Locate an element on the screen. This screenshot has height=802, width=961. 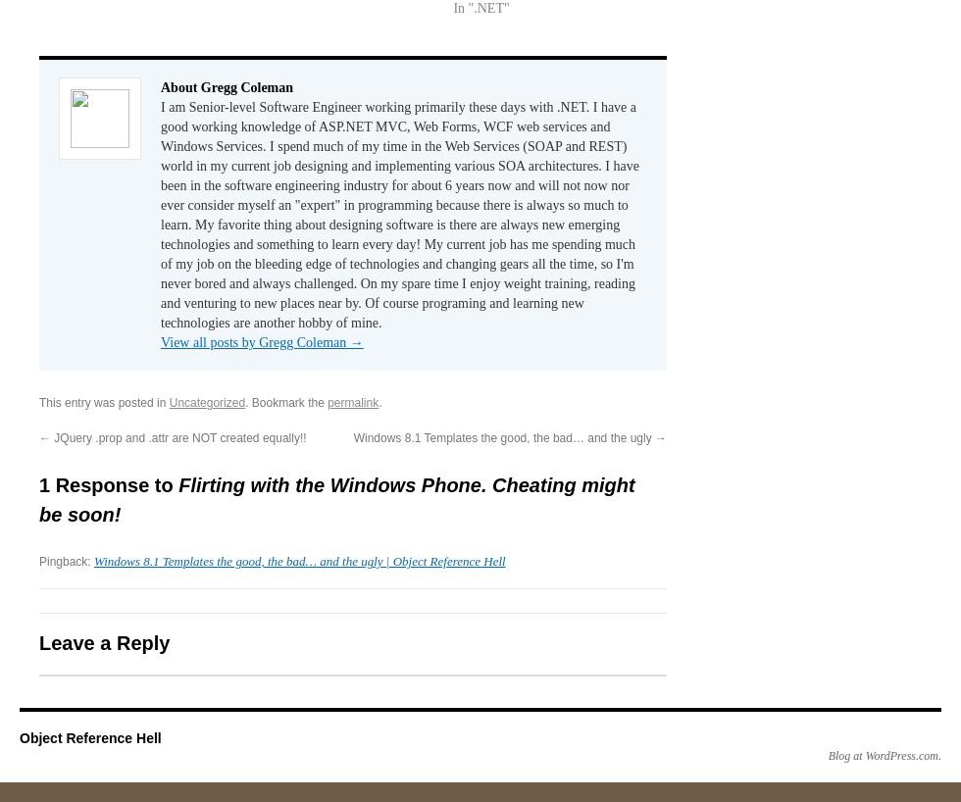
'Uncategorized' is located at coordinates (206, 401).